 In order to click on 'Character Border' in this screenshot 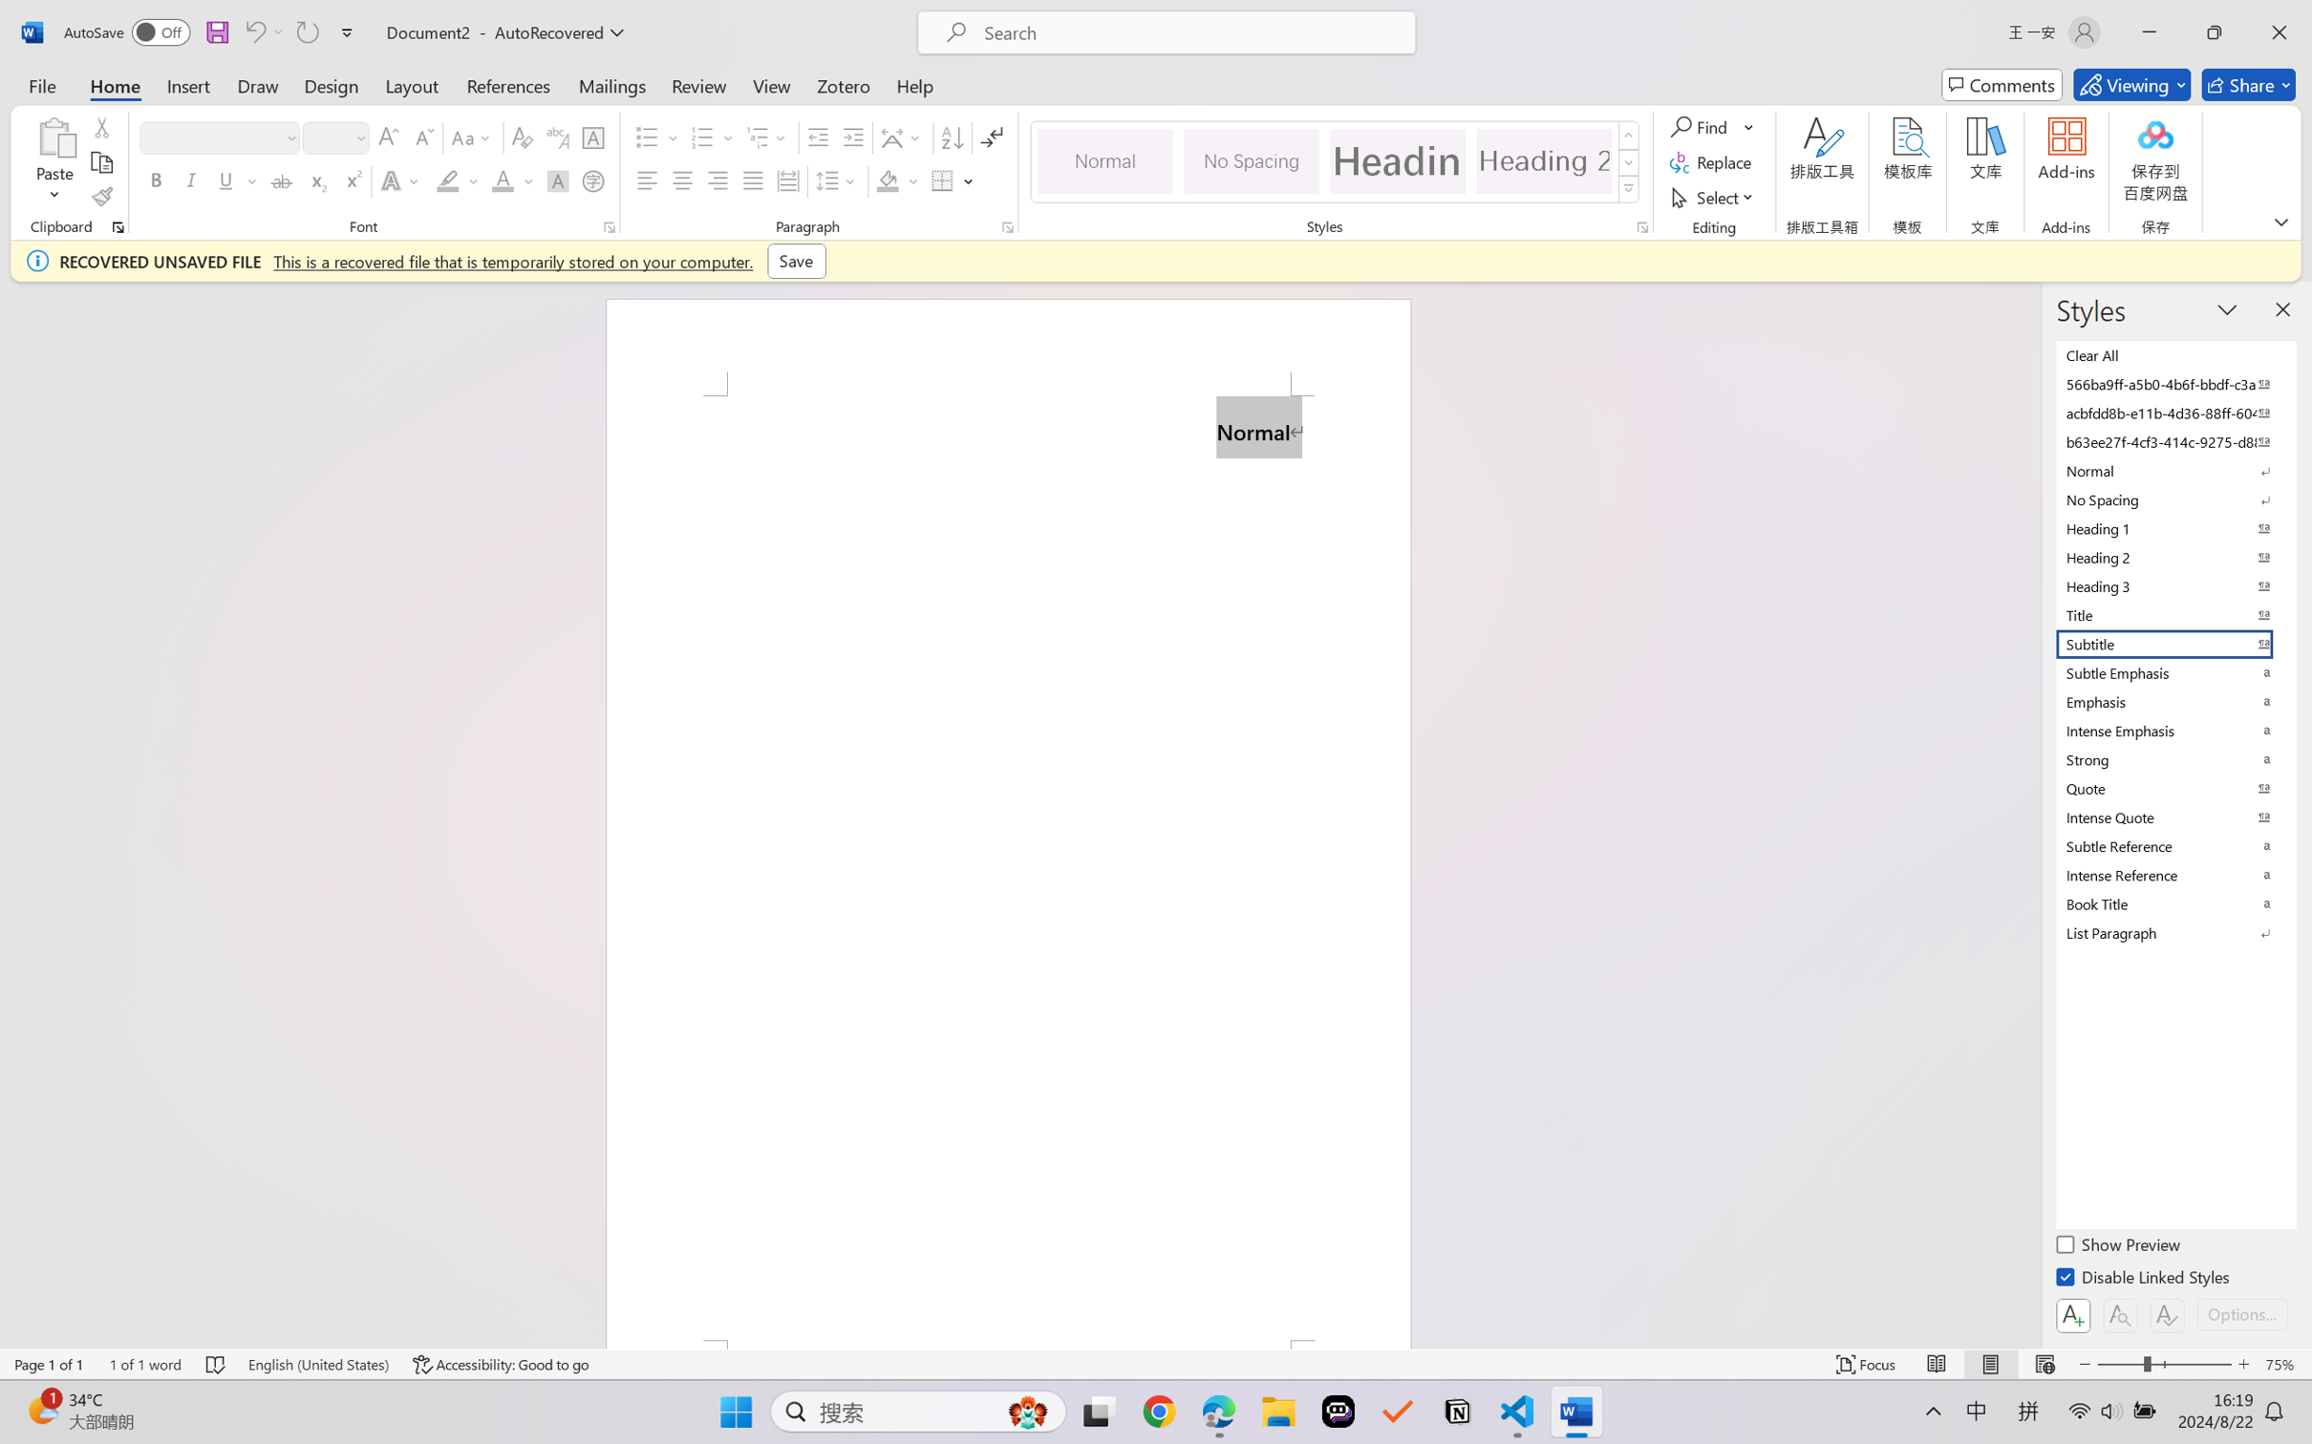, I will do `click(593, 138)`.